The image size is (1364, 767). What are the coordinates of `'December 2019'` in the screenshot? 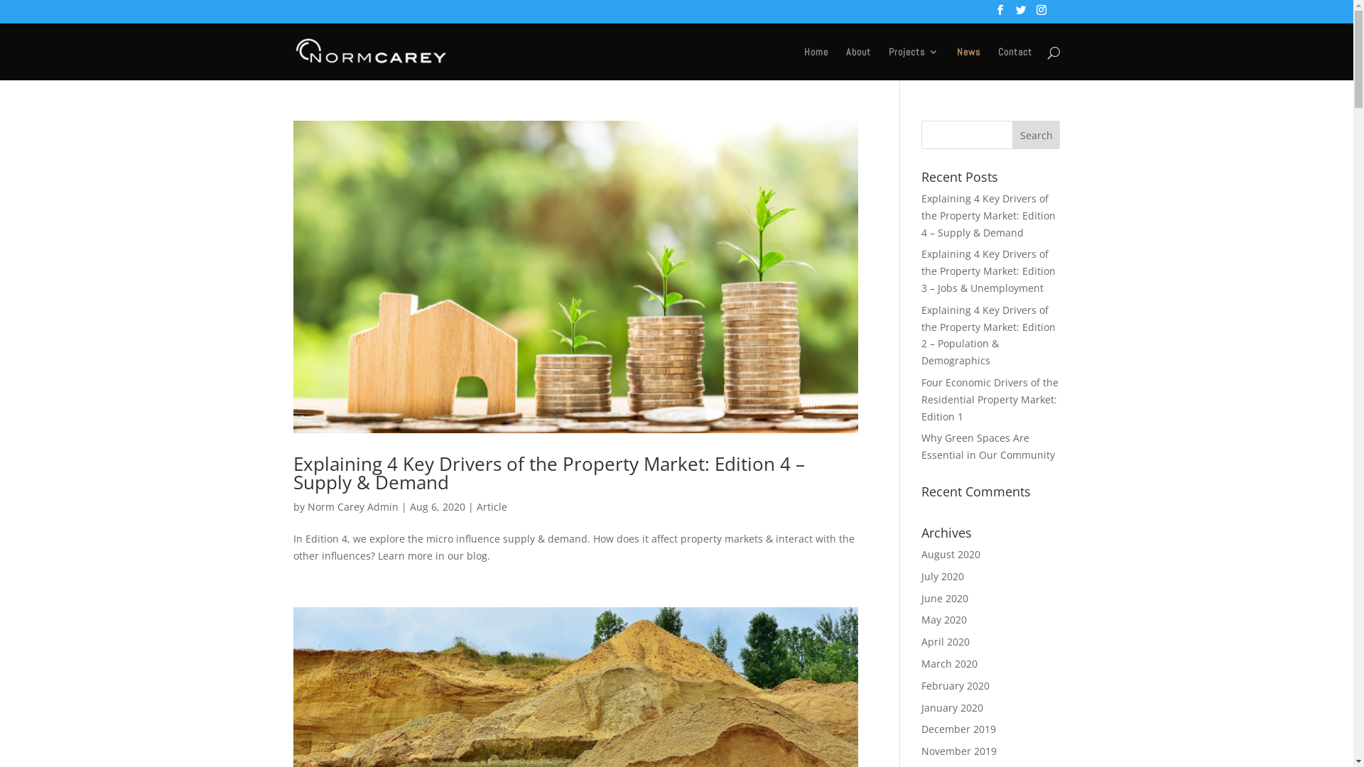 It's located at (958, 729).